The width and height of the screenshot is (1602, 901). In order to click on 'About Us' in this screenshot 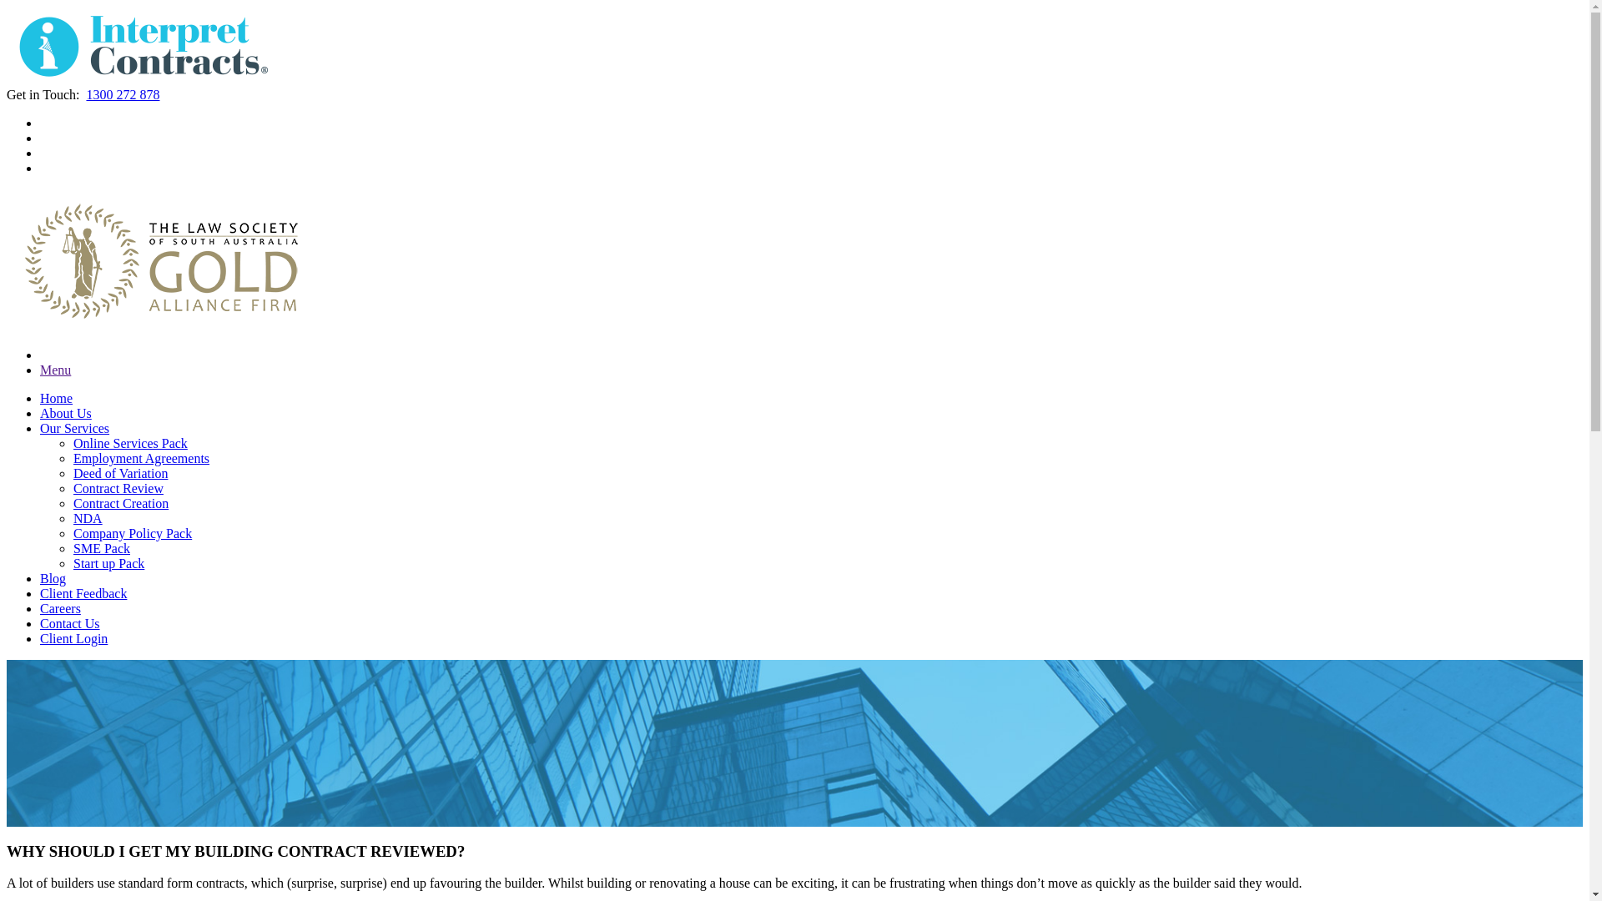, I will do `click(40, 413)`.